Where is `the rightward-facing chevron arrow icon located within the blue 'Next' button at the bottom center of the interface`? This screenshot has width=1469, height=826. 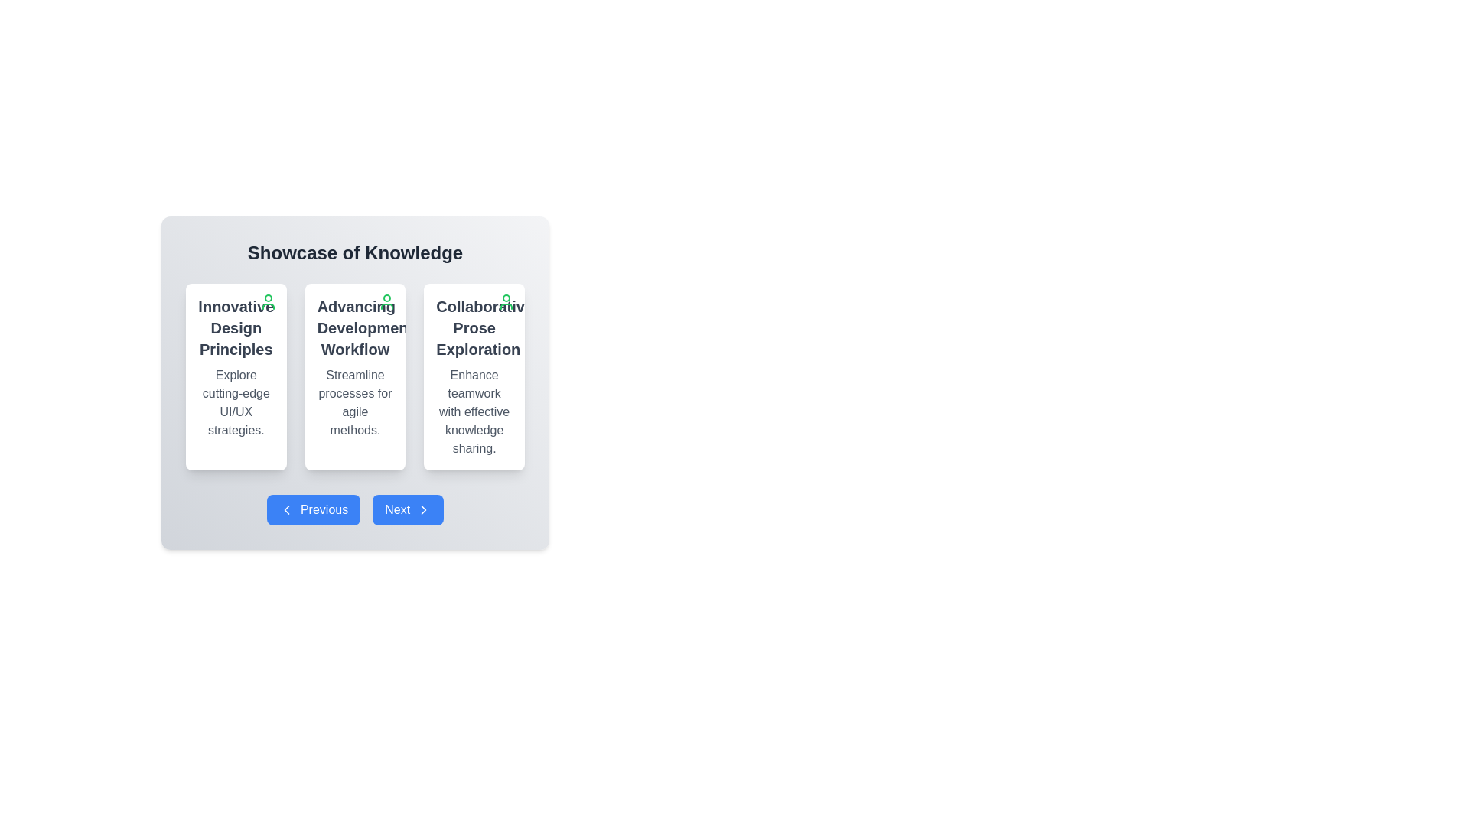
the rightward-facing chevron arrow icon located within the blue 'Next' button at the bottom center of the interface is located at coordinates (424, 510).